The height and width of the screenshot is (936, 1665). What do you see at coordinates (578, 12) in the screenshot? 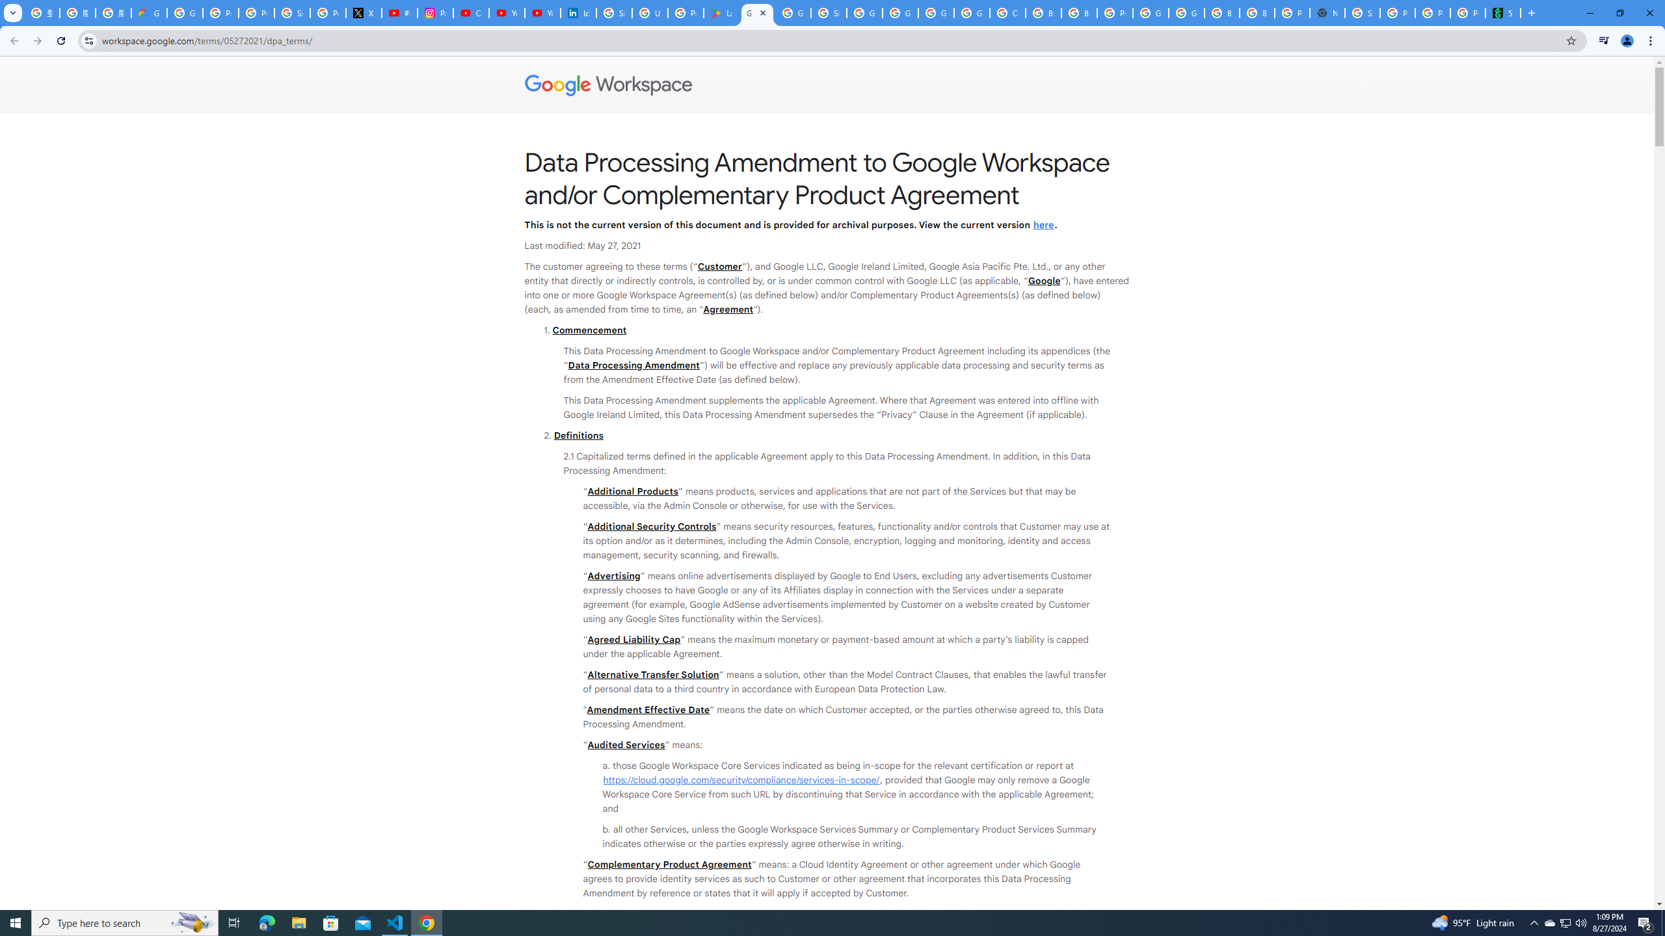
I see `'Identity verification via Persona | LinkedIn Help'` at bounding box center [578, 12].